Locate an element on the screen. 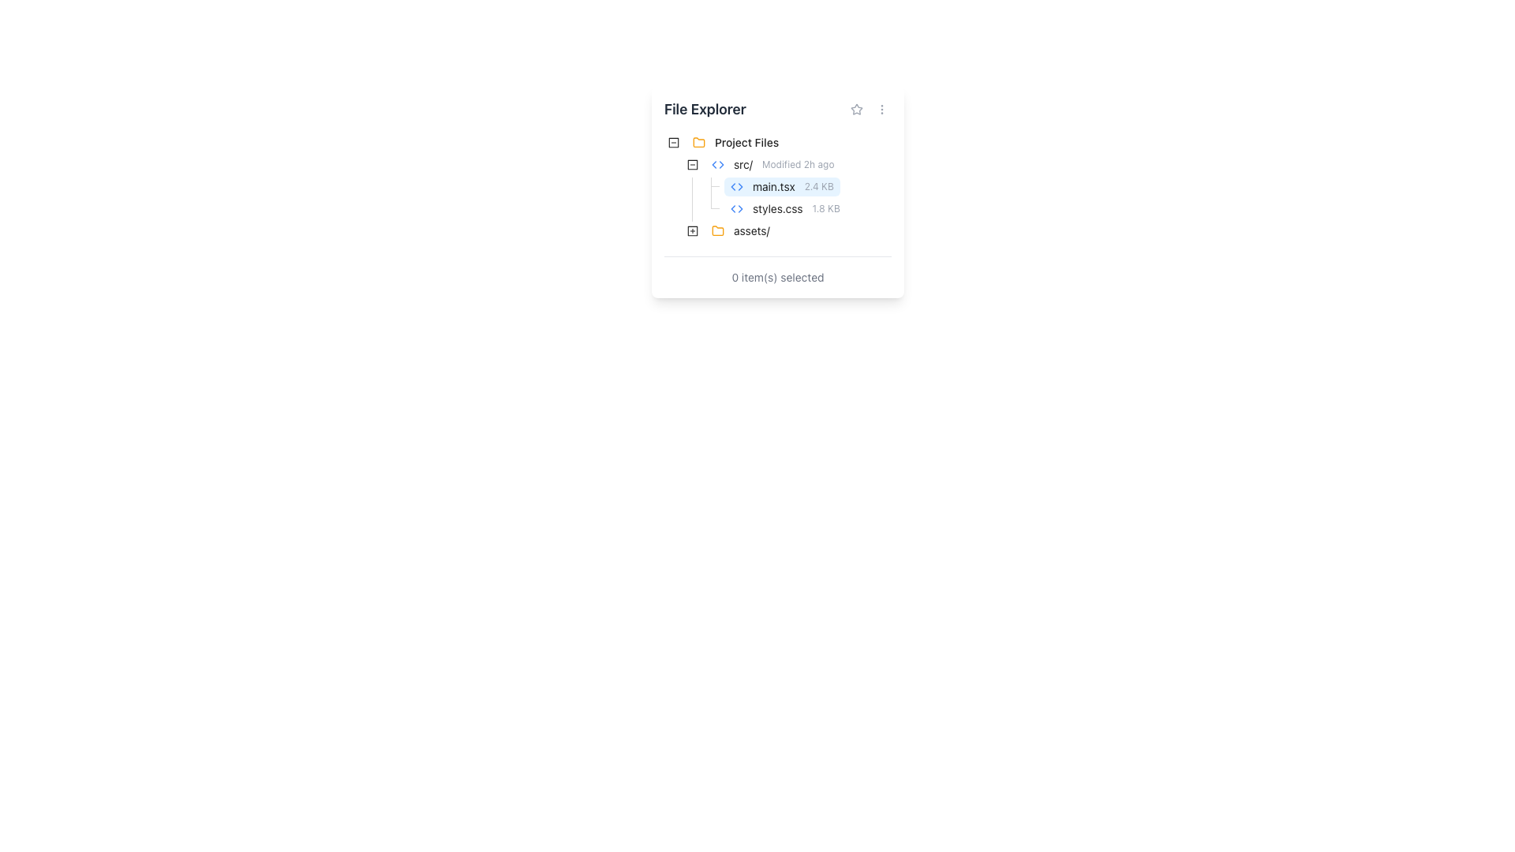 This screenshot has height=852, width=1515. the 'styles.css' file entry in the file explorer is located at coordinates (754, 208).